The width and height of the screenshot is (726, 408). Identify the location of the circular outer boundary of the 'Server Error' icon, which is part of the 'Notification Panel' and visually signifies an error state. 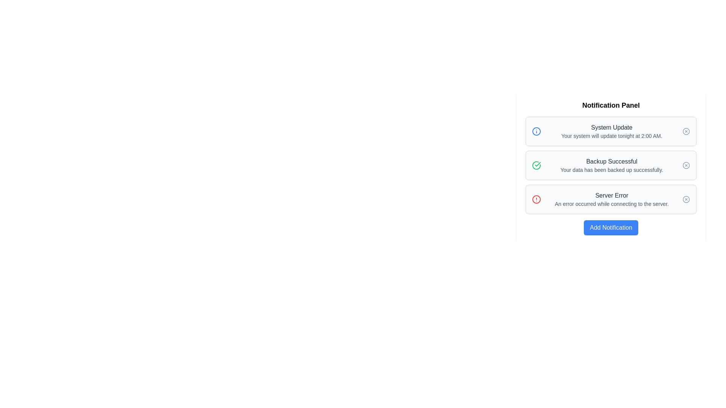
(686, 199).